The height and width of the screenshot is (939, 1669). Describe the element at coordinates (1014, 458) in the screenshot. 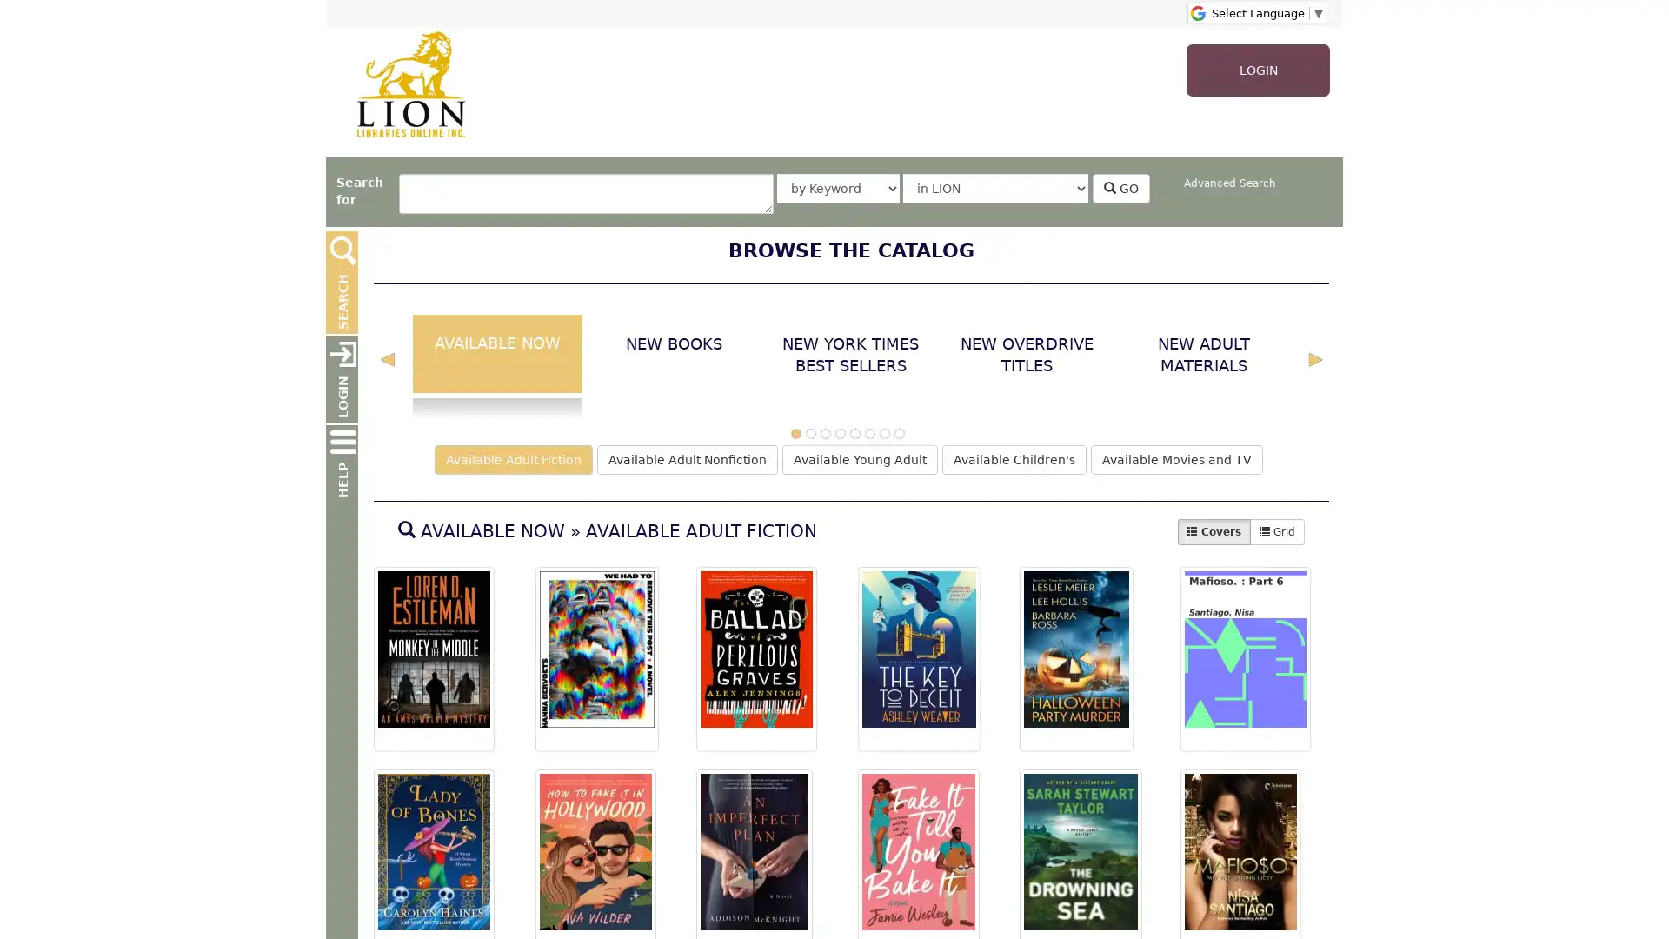

I see `Available Children's` at that location.